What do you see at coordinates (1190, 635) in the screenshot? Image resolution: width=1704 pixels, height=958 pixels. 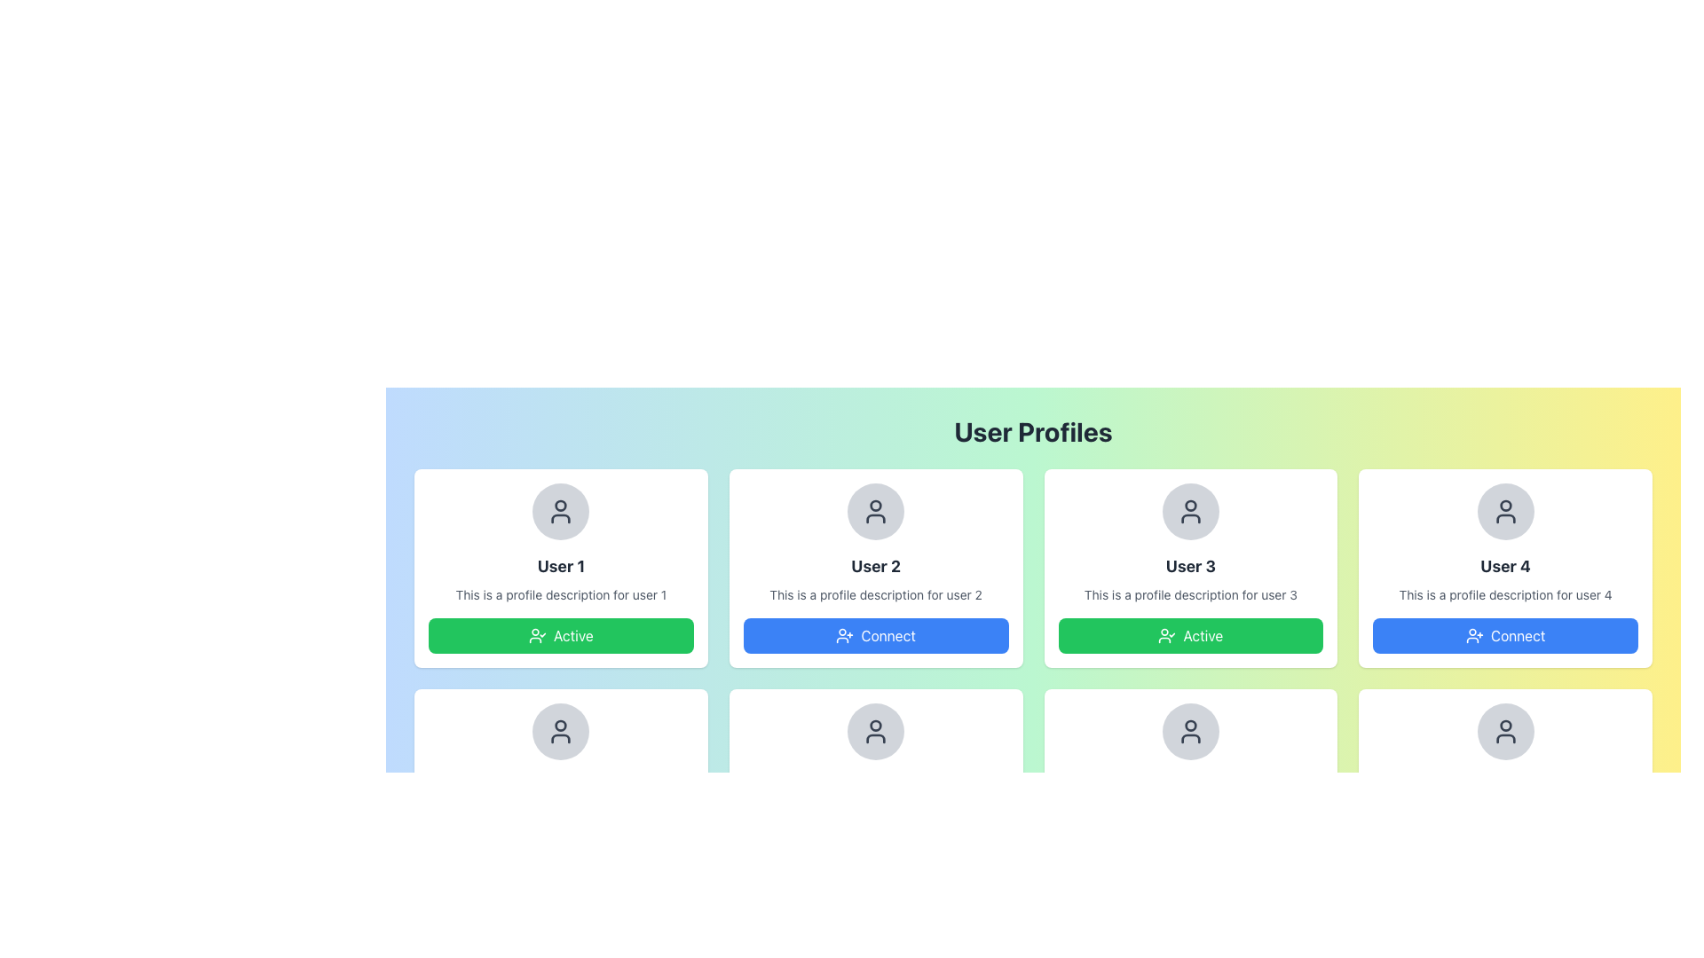 I see `the active status button located at the bottom center of 'User 3's card in the grid layout` at bounding box center [1190, 635].